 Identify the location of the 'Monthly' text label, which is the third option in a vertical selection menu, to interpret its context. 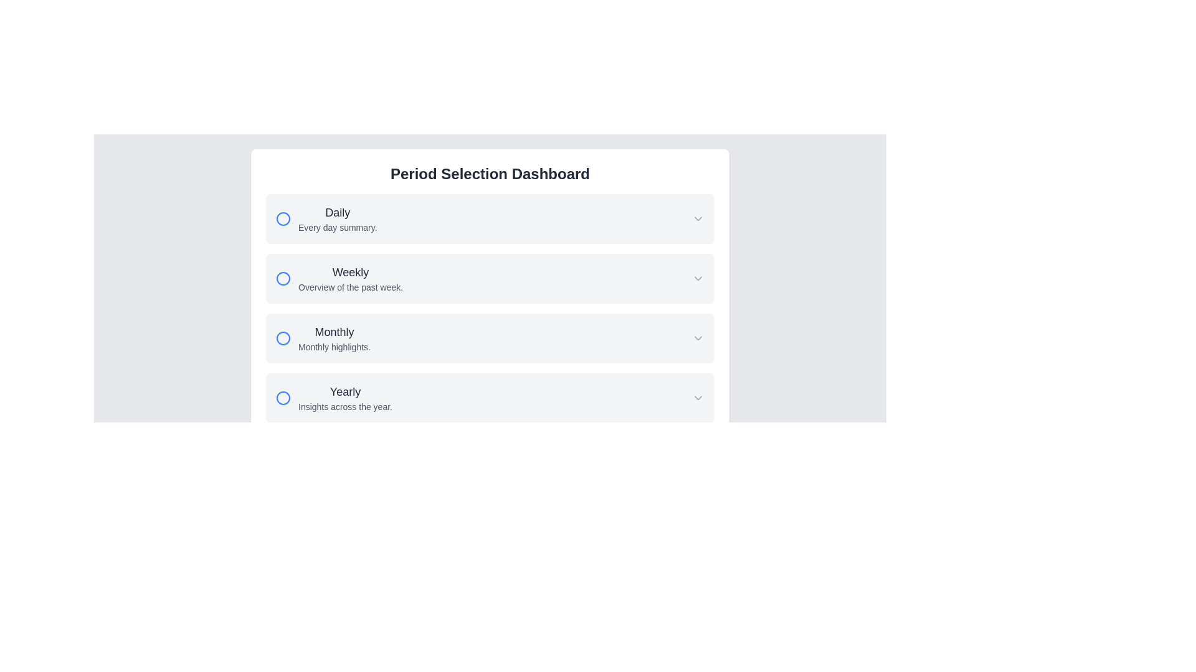
(335, 338).